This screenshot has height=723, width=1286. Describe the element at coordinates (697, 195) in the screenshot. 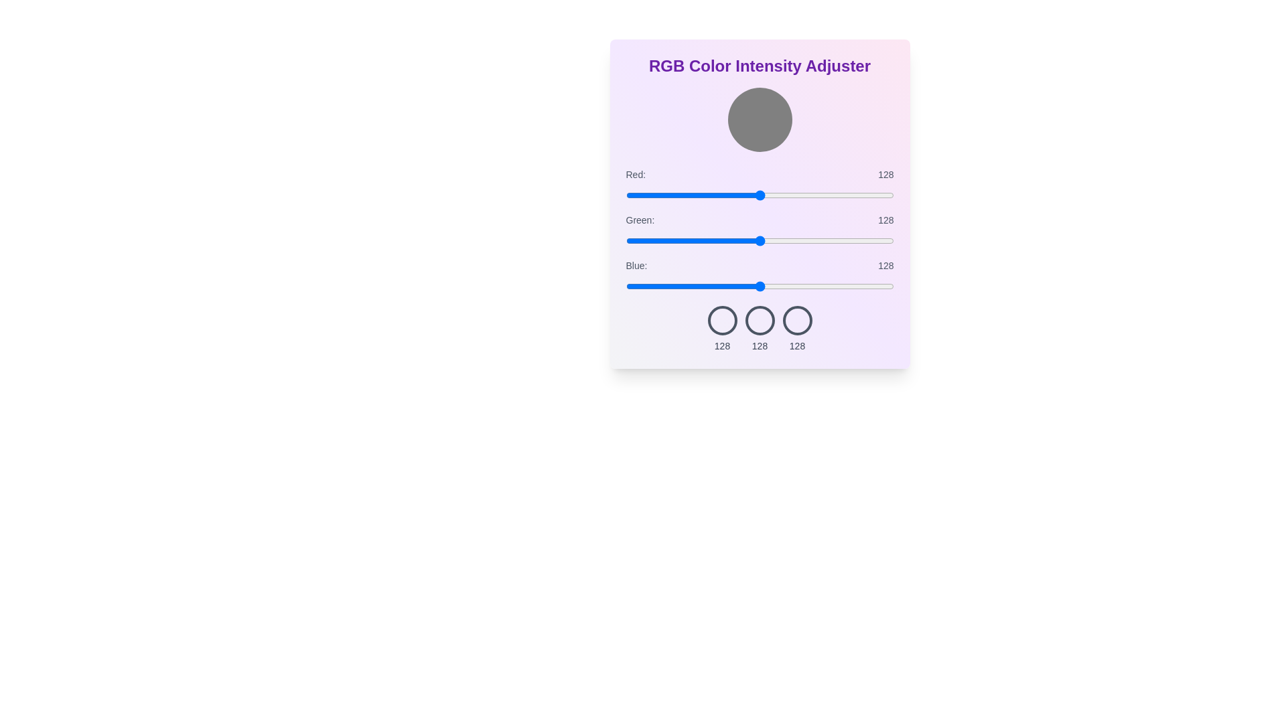

I see `the red color intensity slider to 68 value` at that location.